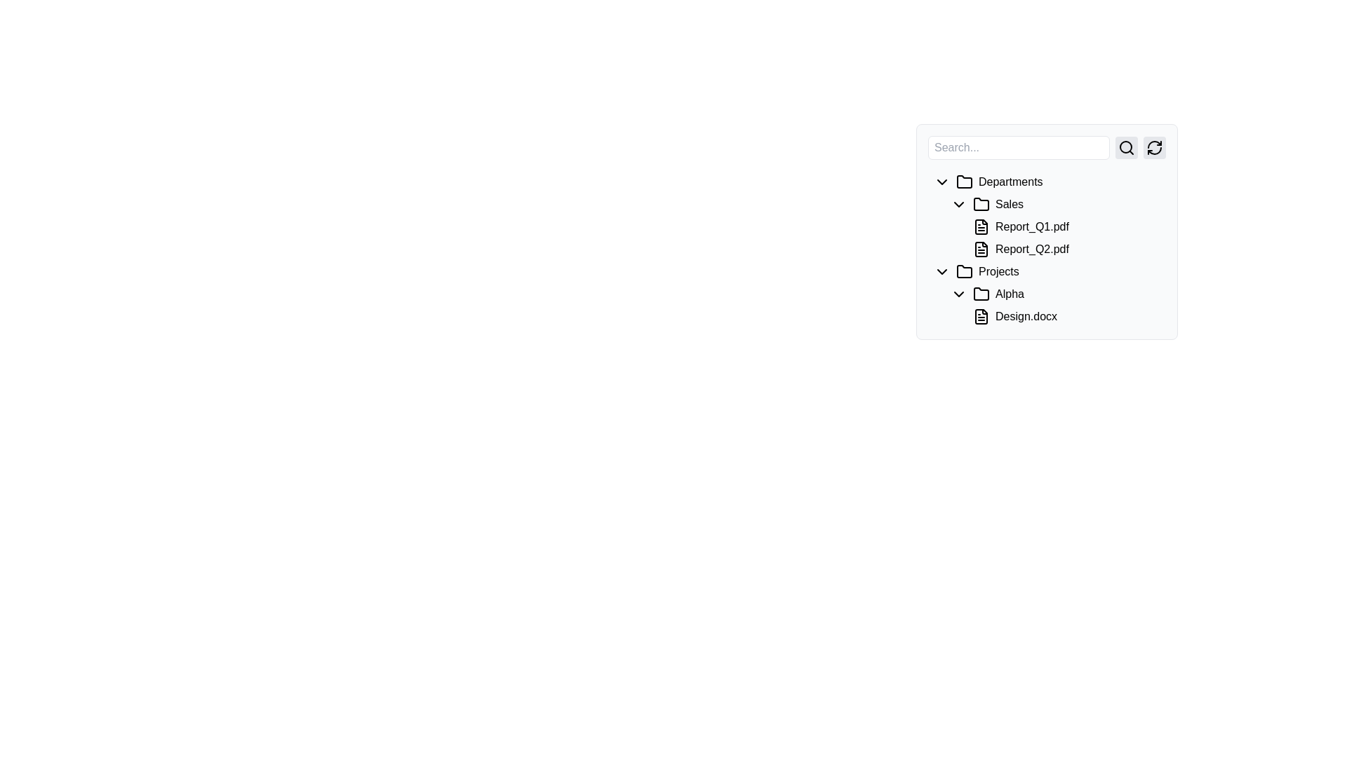 The width and height of the screenshot is (1347, 757). What do you see at coordinates (963, 181) in the screenshot?
I see `the 'Departments' directory icon, which is a visual indicator resembling a folder, located to the left of the 'Departments' text in the hierarchical list` at bounding box center [963, 181].